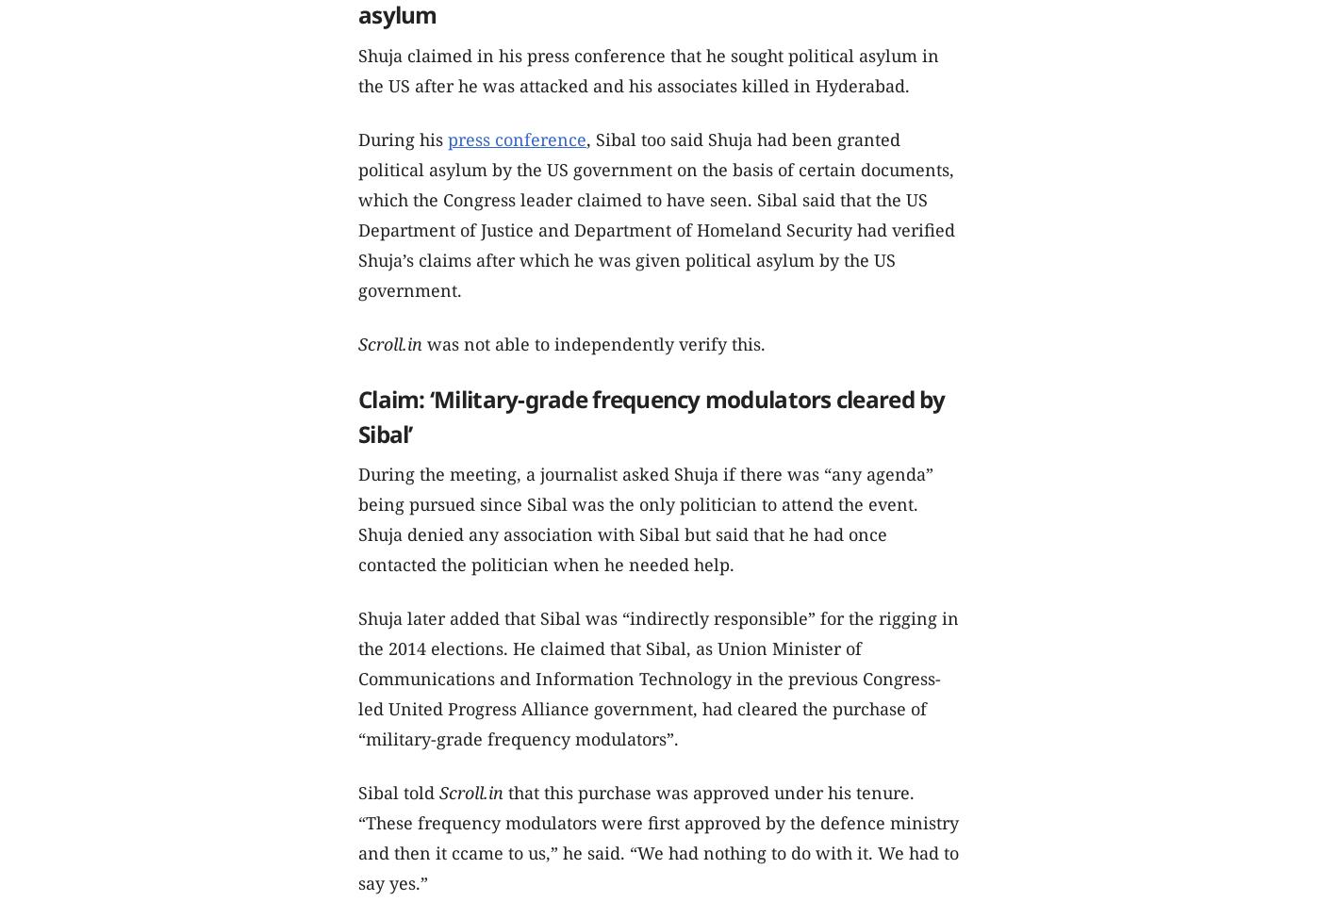 This screenshot has width=1320, height=918. Describe the element at coordinates (517, 139) in the screenshot. I see `'press conference'` at that location.